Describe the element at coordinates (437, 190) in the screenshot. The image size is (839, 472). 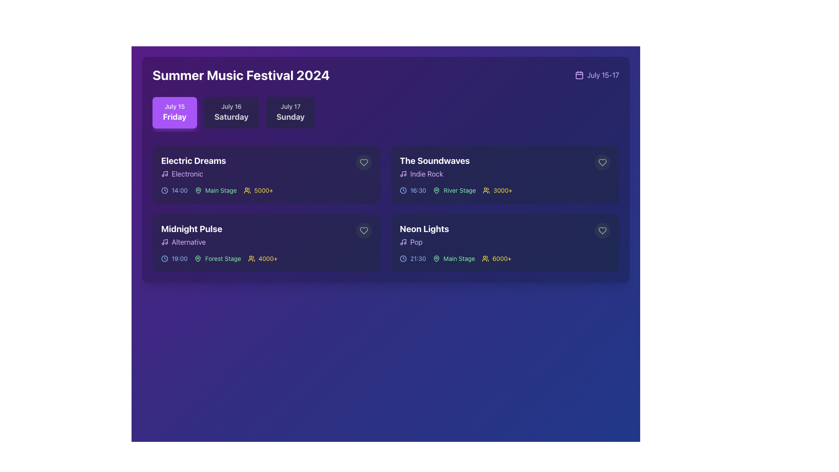
I see `the map pin icon located to the left of the text 'River Stage' within the card labeled 'The Soundwaves', which serves as a visual cue for the stage's identification` at that location.